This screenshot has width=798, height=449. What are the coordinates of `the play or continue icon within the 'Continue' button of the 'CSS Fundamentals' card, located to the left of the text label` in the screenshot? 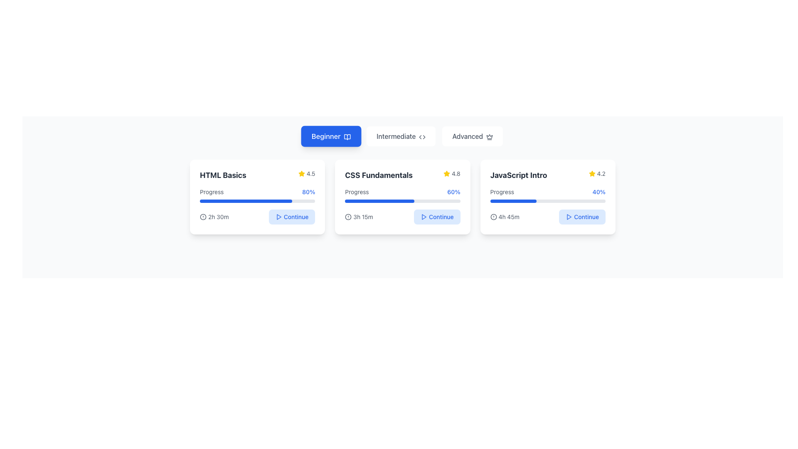 It's located at (424, 216).